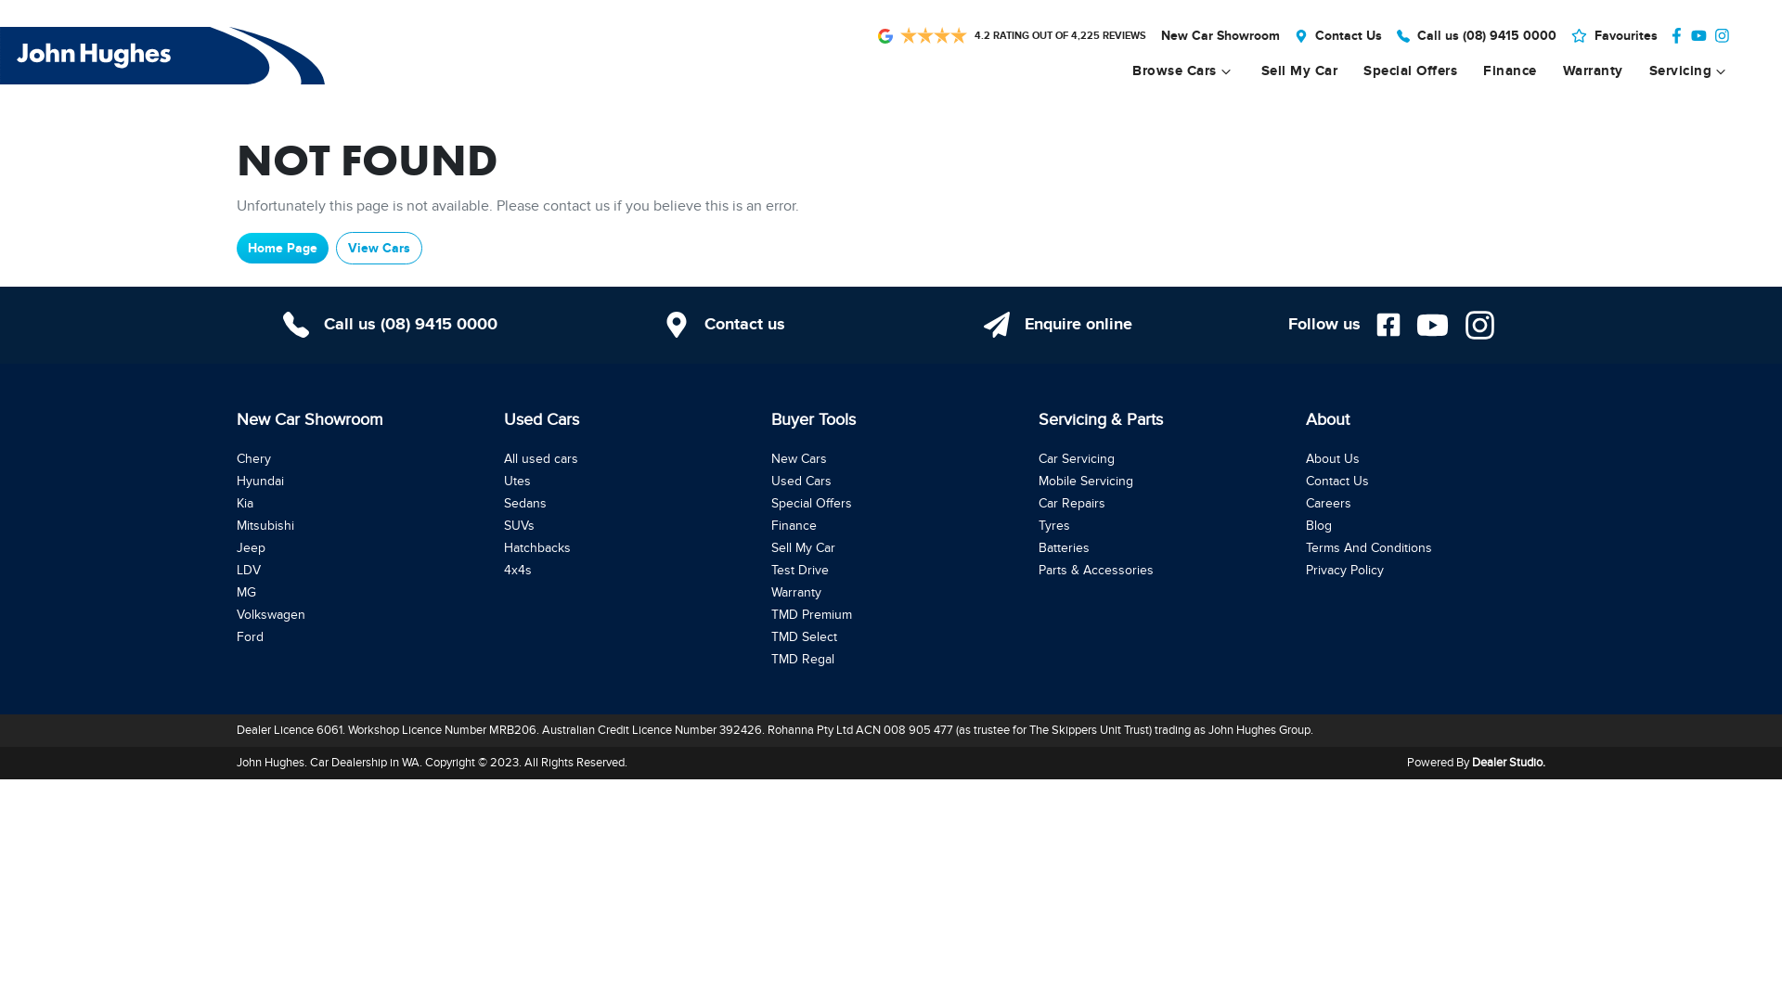 The width and height of the screenshot is (1782, 1002). Describe the element at coordinates (1562, 70) in the screenshot. I see `'Warranty'` at that location.